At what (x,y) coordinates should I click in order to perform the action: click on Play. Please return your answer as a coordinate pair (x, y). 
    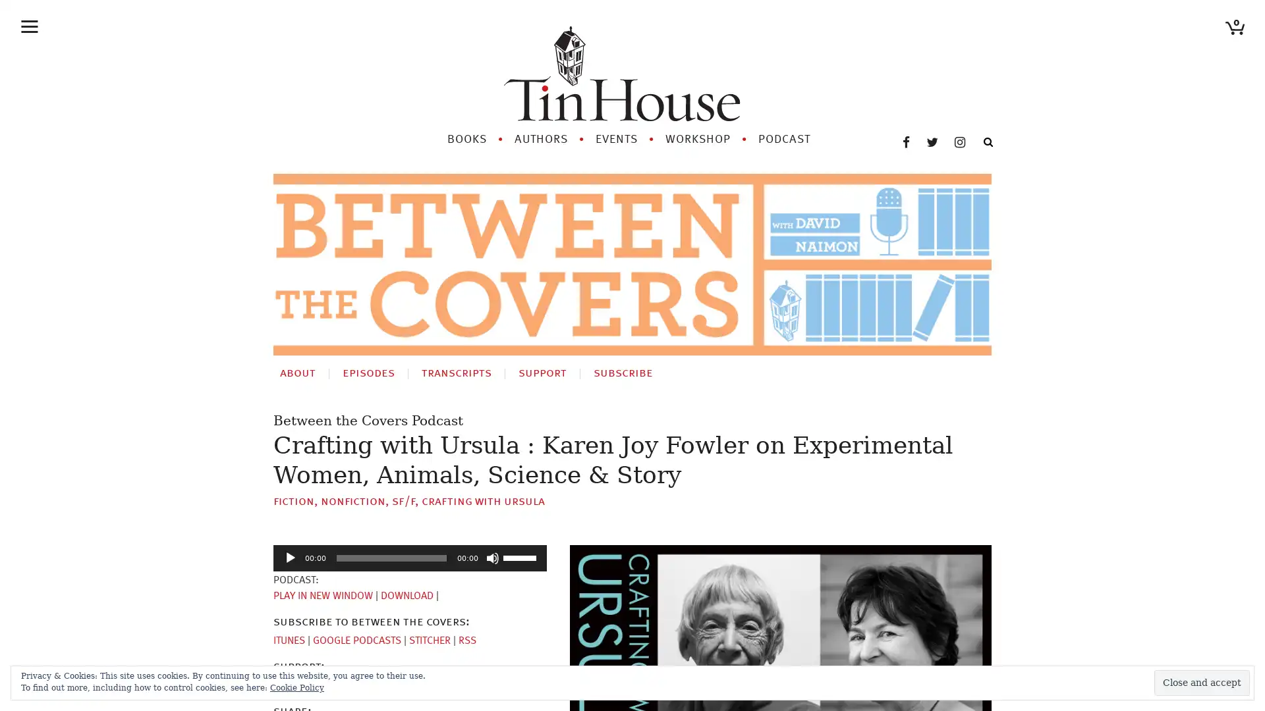
    Looking at the image, I should click on (290, 558).